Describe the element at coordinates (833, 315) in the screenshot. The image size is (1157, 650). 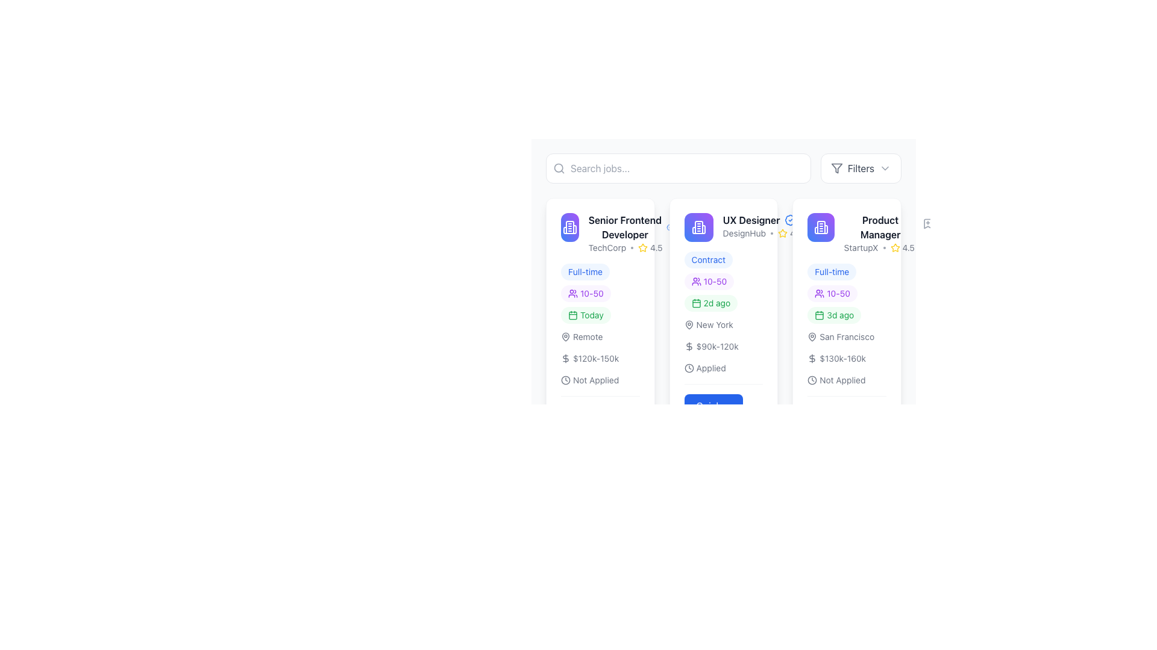
I see `text of the pill-shaped badge with a green background and the text '3d ago', located under the '10-50' badge in the job listing for 'Product Manager'` at that location.